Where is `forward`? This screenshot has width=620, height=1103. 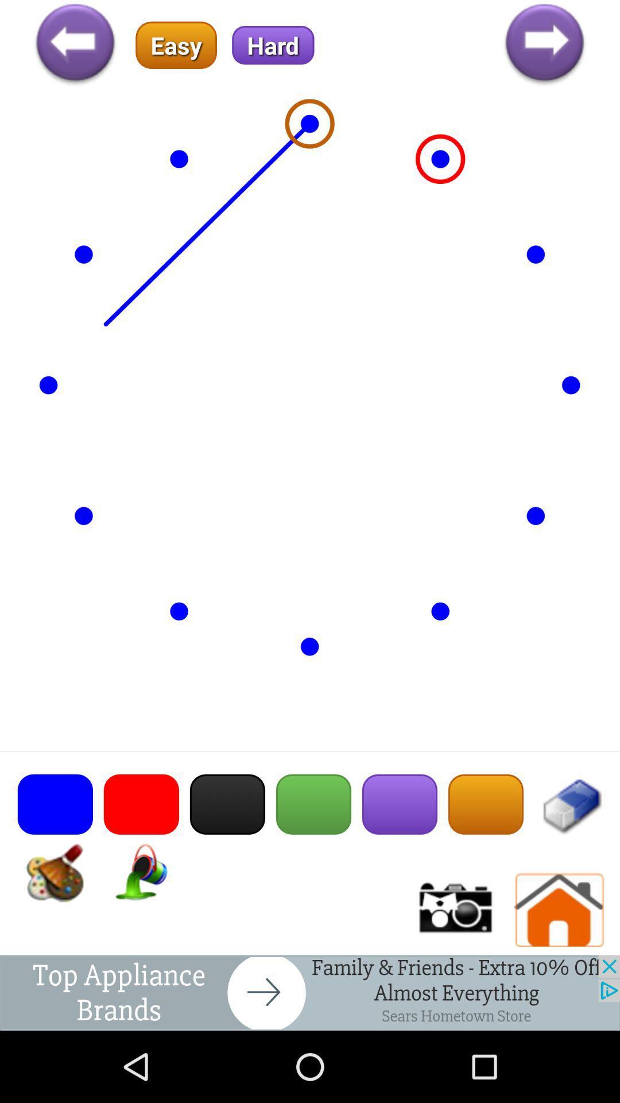
forward is located at coordinates (544, 45).